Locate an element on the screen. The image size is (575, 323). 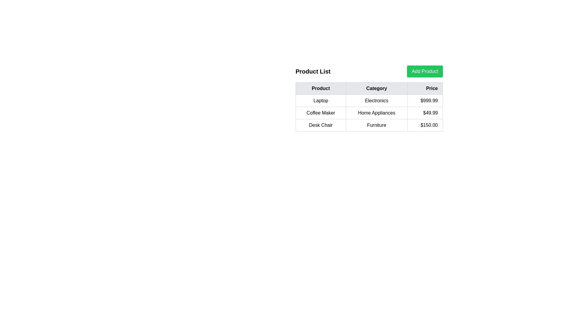
the table cell containing the text 'Home Appliances' which is located in the second row and second column of the 'Product List' table is located at coordinates (376, 113).